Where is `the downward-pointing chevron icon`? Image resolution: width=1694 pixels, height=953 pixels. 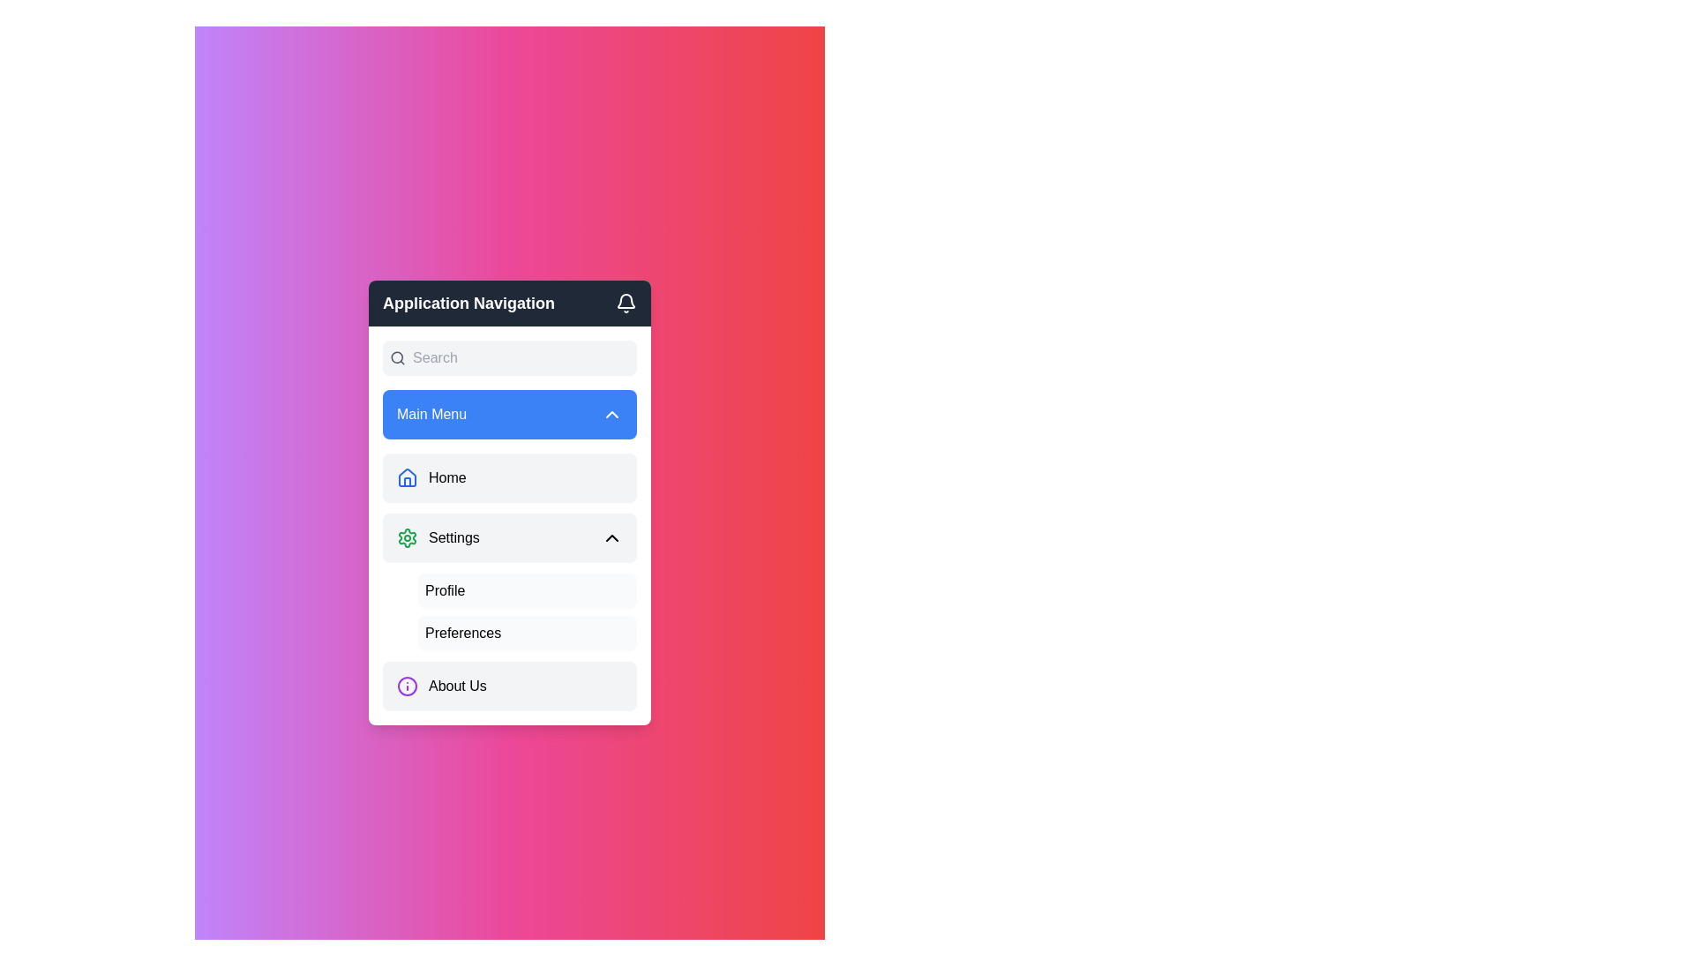
the downward-pointing chevron icon is located at coordinates (612, 415).